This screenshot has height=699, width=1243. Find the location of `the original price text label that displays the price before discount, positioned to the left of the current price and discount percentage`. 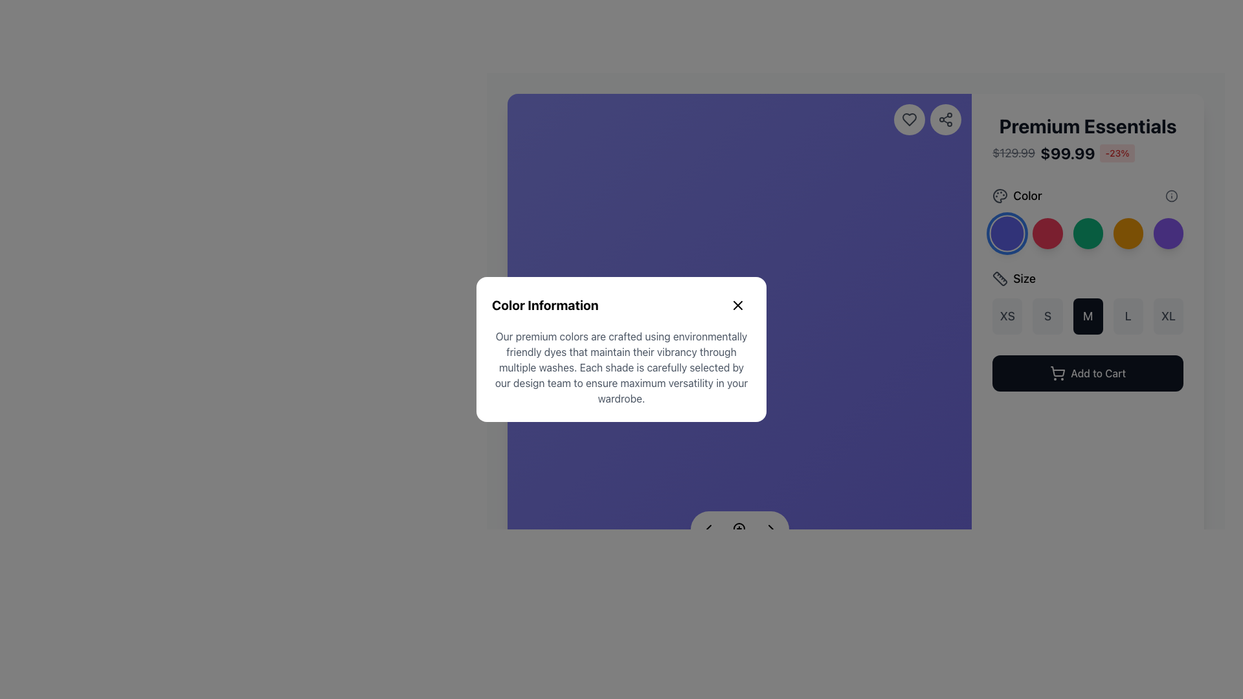

the original price text label that displays the price before discount, positioned to the left of the current price and discount percentage is located at coordinates (1013, 152).